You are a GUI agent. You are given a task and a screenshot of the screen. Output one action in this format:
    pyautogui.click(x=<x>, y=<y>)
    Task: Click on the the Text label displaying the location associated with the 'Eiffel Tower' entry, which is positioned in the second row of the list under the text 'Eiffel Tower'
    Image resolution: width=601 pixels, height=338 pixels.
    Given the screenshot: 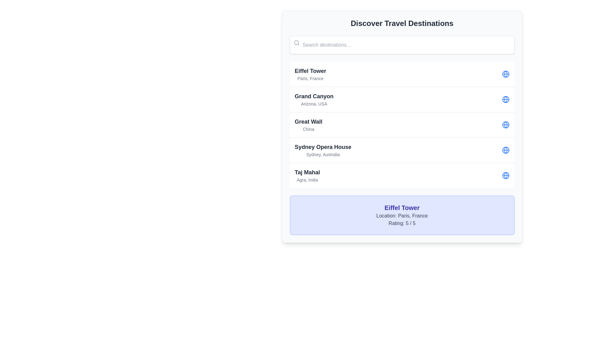 What is the action you would take?
    pyautogui.click(x=310, y=78)
    